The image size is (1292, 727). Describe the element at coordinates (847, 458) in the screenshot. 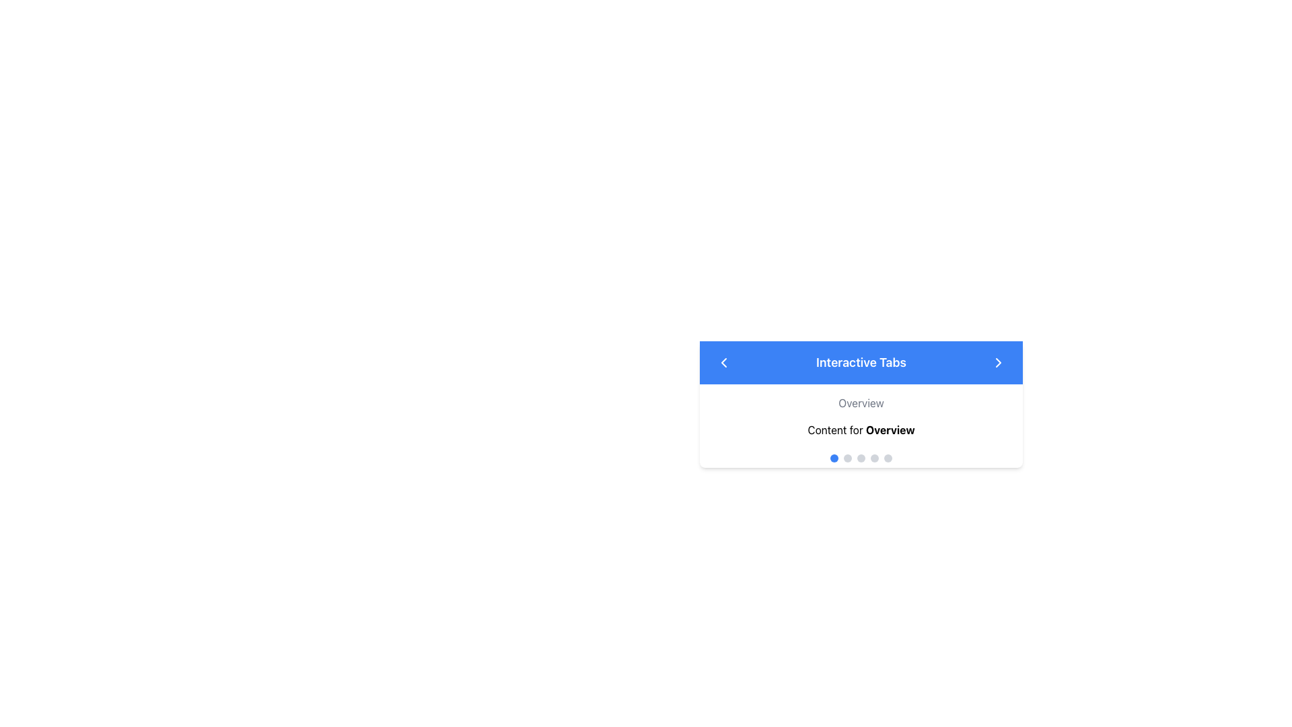

I see `the second circular Navigation Indicator, which is light gray and located below the 'Content for Overview' section` at that location.